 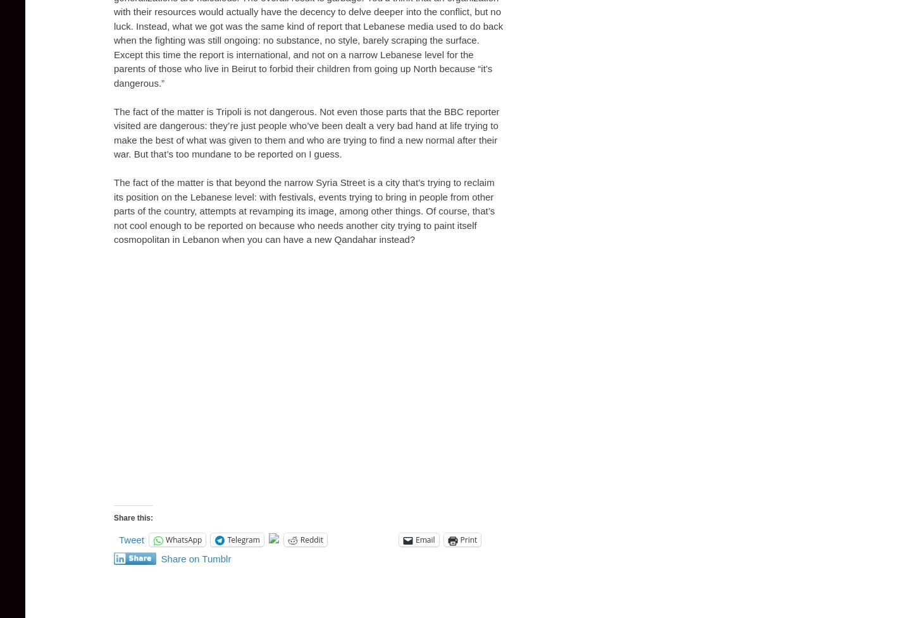 I want to click on 'Telegram', so click(x=226, y=539).